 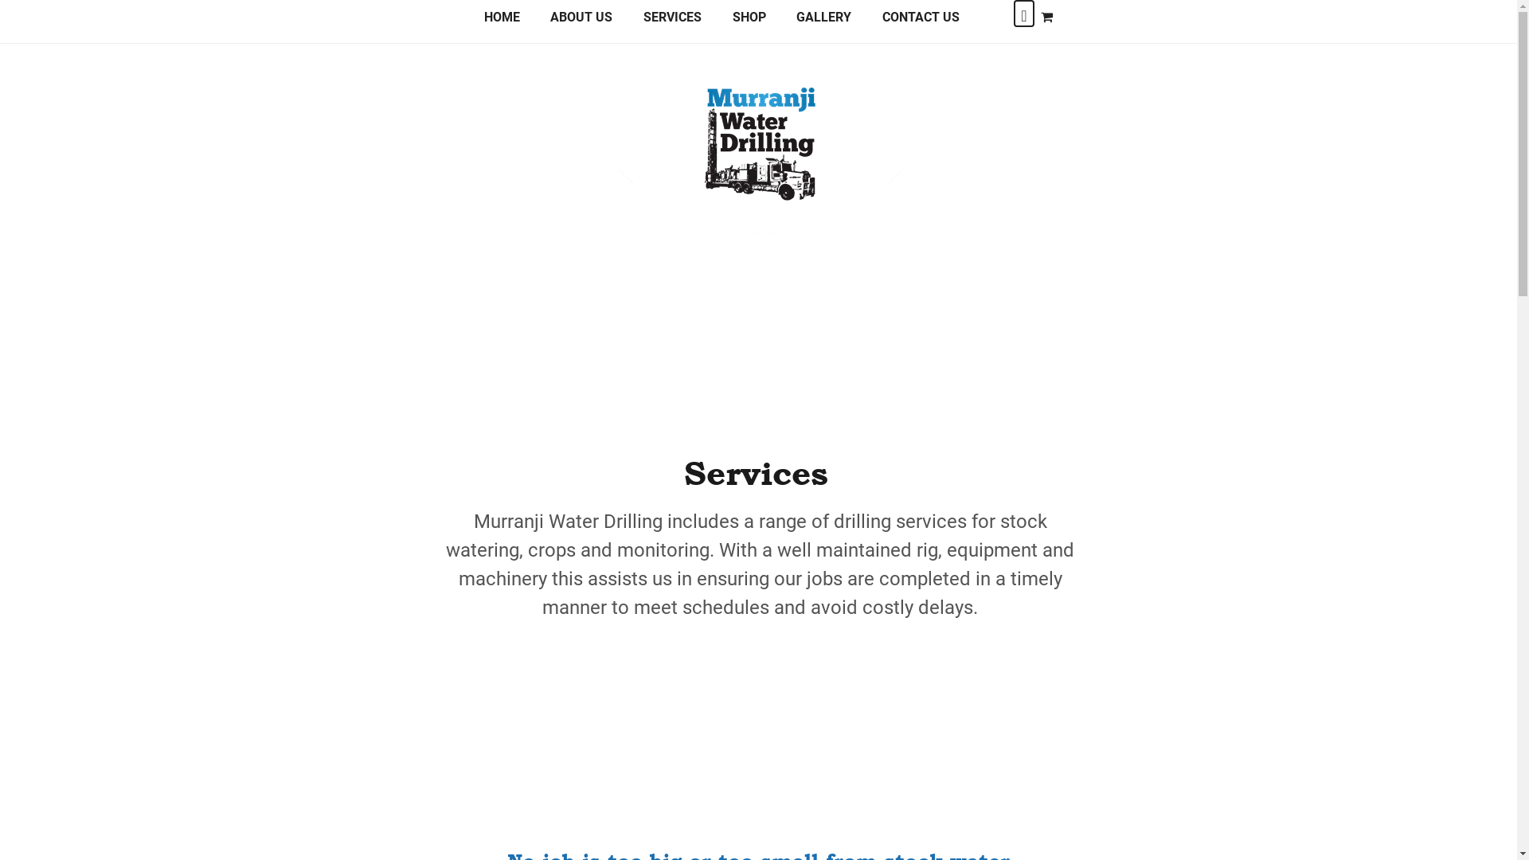 I want to click on 'ABOUT US', so click(x=581, y=23).